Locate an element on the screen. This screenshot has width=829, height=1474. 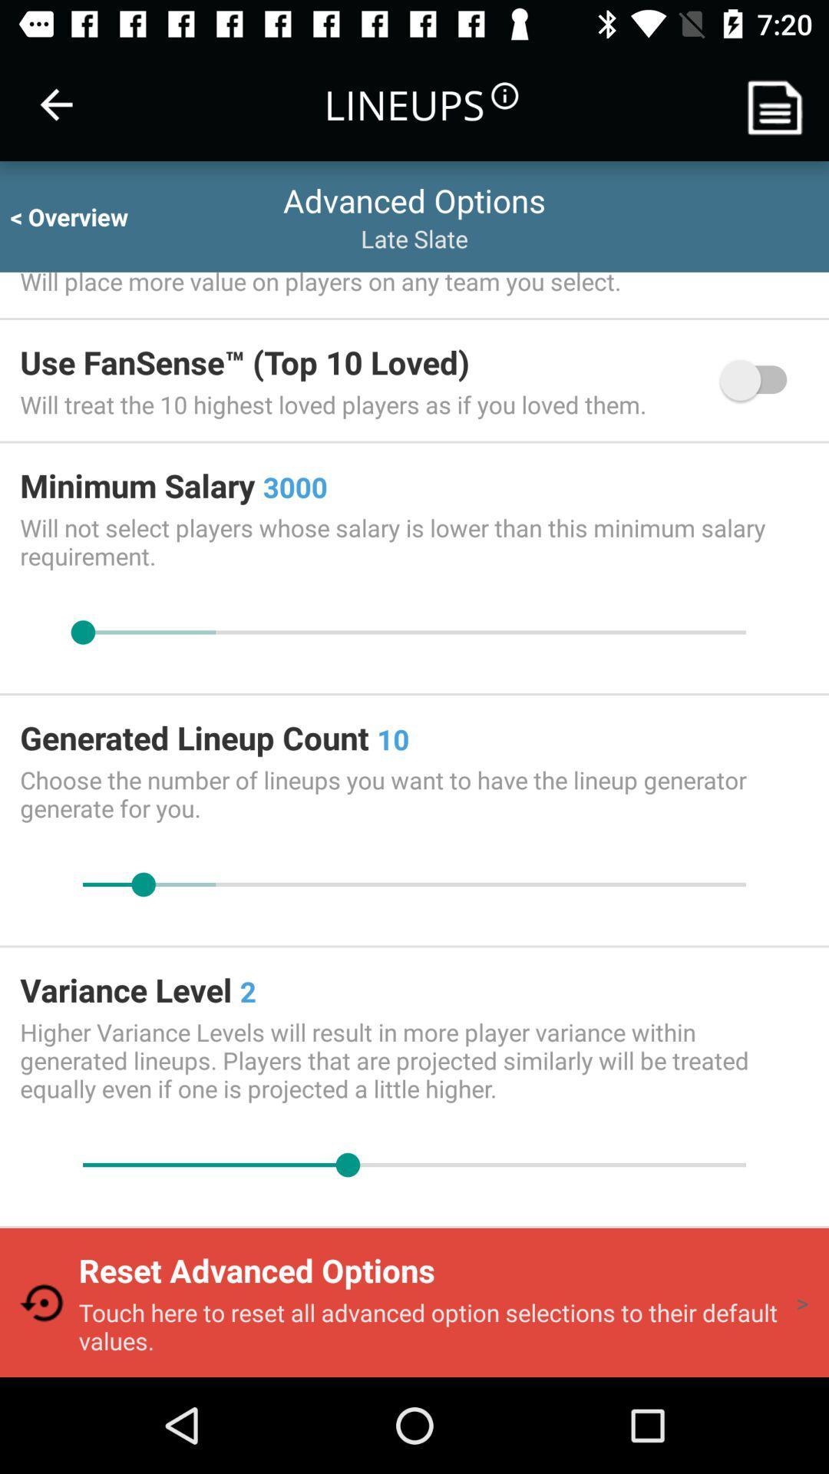
adjust variance level is located at coordinates (414, 1165).